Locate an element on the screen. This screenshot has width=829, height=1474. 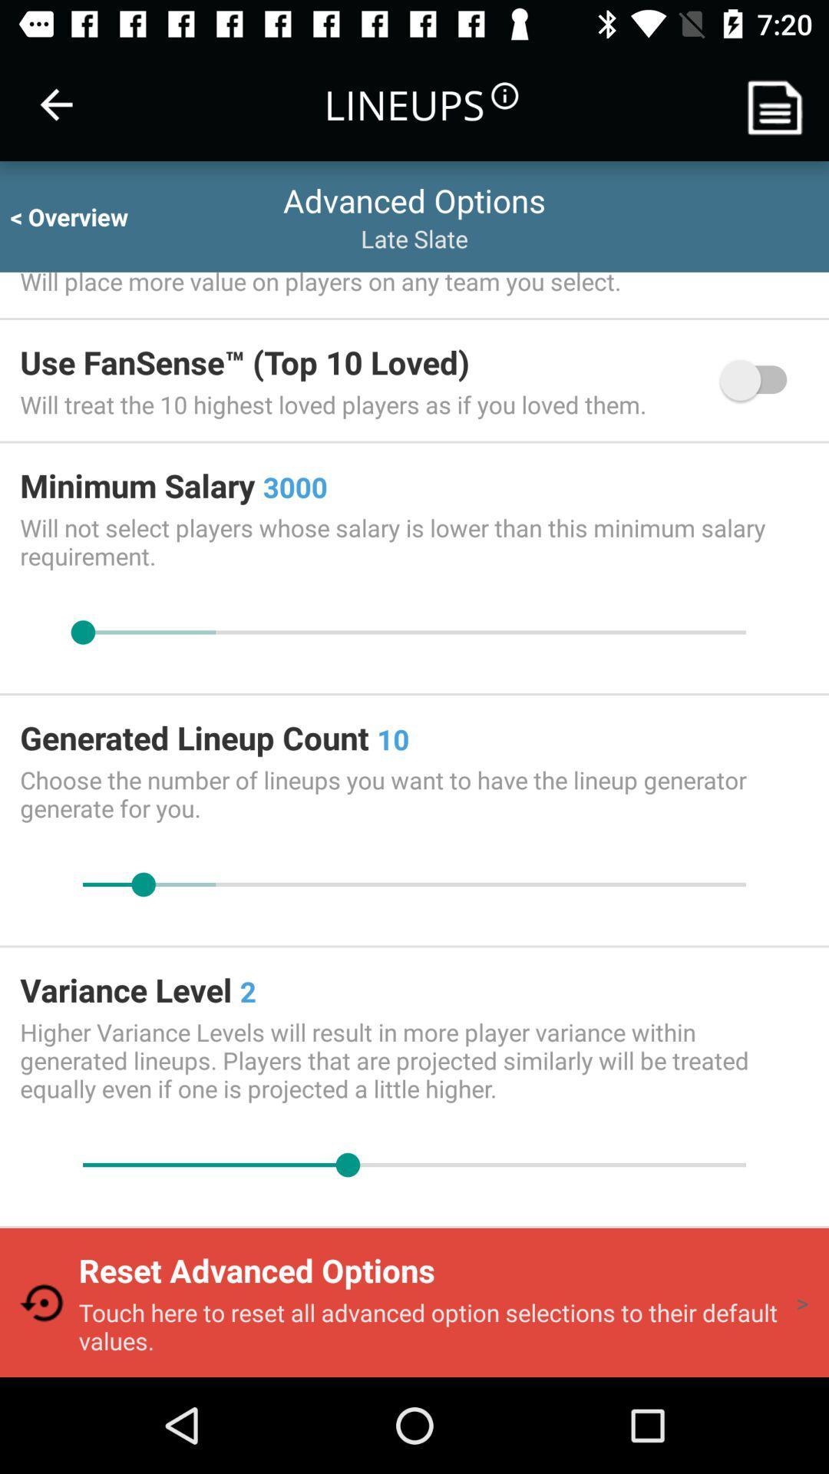
adjust variance level is located at coordinates (414, 1165).